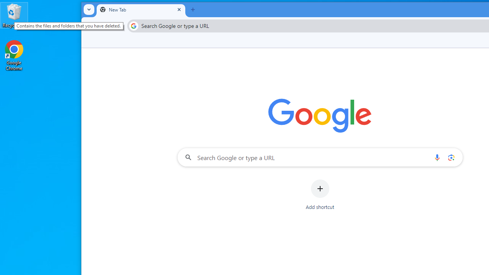 The width and height of the screenshot is (489, 275). I want to click on 'Google Chrome', so click(14, 55).